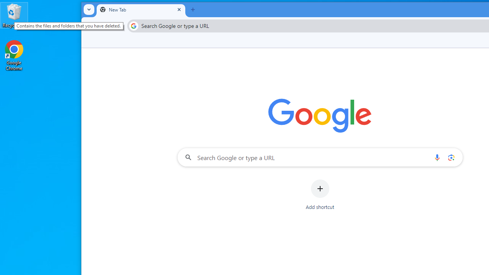 The width and height of the screenshot is (489, 275). I want to click on 'Google Chrome', so click(14, 55).